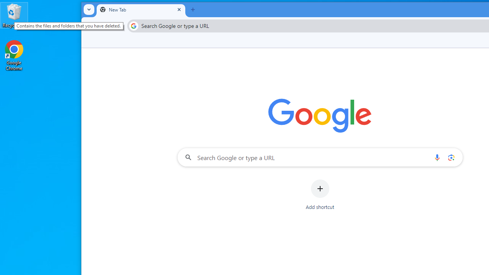 The width and height of the screenshot is (489, 275). I want to click on 'Google Chrome', so click(14, 55).